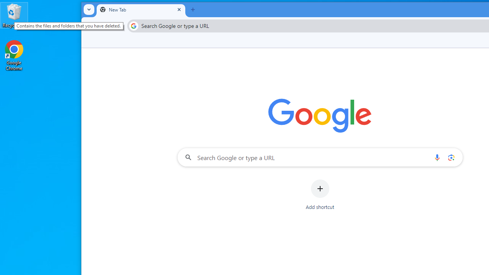 The width and height of the screenshot is (489, 275). I want to click on 'Google Chrome', so click(14, 55).